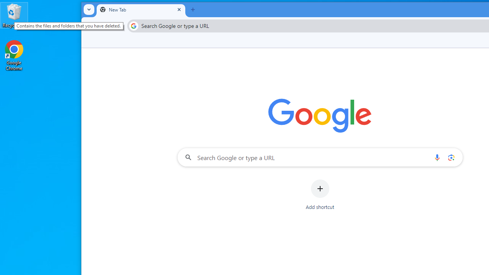 The width and height of the screenshot is (489, 275). I want to click on 'Google Chrome', so click(14, 55).